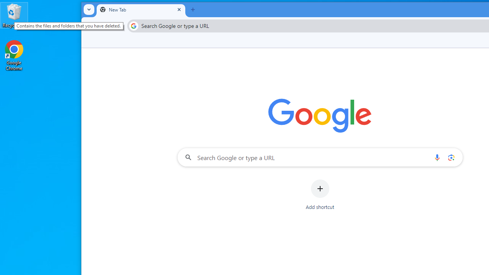 The width and height of the screenshot is (489, 275). I want to click on 'Google Chrome', so click(14, 55).